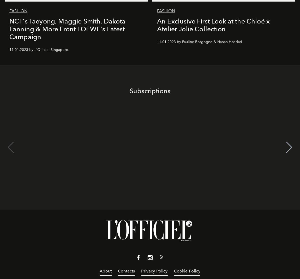 The width and height of the screenshot is (300, 279). Describe the element at coordinates (199, 42) in the screenshot. I see `'11.01.2023 by Pauline Borgogno & Hanan Haddad'` at that location.